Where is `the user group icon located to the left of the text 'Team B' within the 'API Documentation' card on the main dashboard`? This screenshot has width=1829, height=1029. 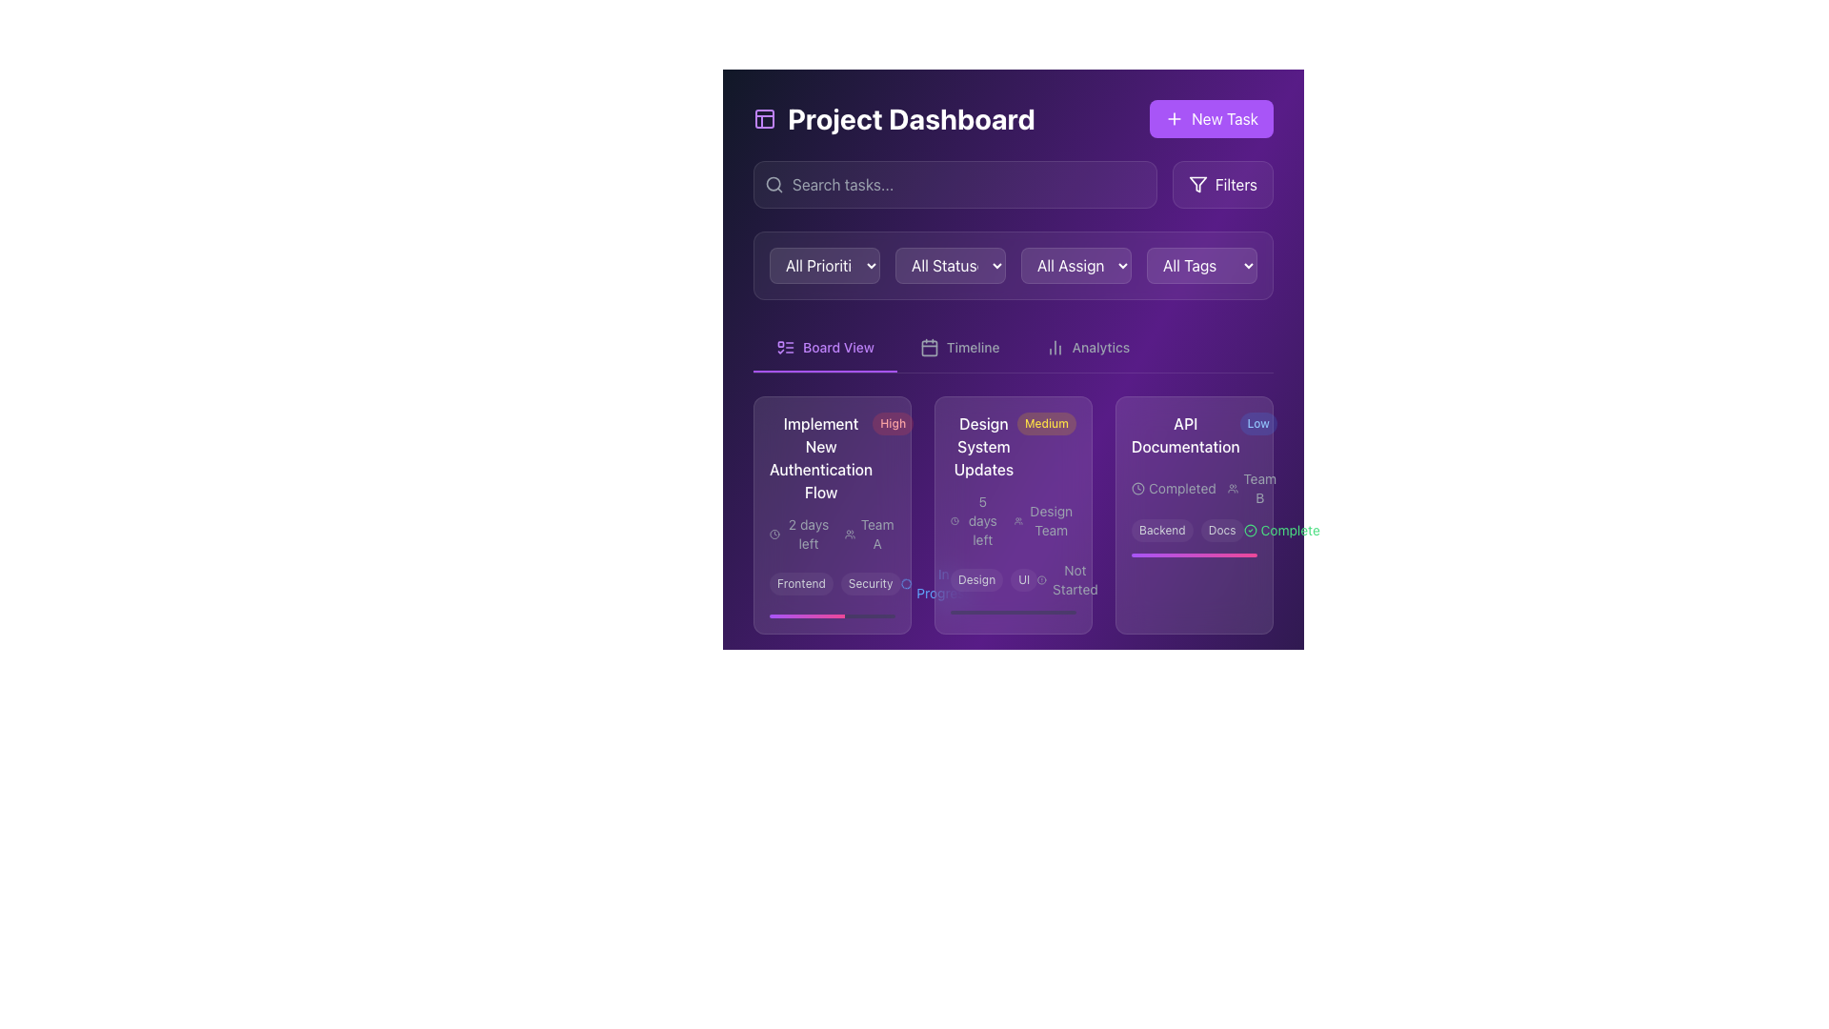
the user group icon located to the left of the text 'Team B' within the 'API Documentation' card on the main dashboard is located at coordinates (1233, 488).